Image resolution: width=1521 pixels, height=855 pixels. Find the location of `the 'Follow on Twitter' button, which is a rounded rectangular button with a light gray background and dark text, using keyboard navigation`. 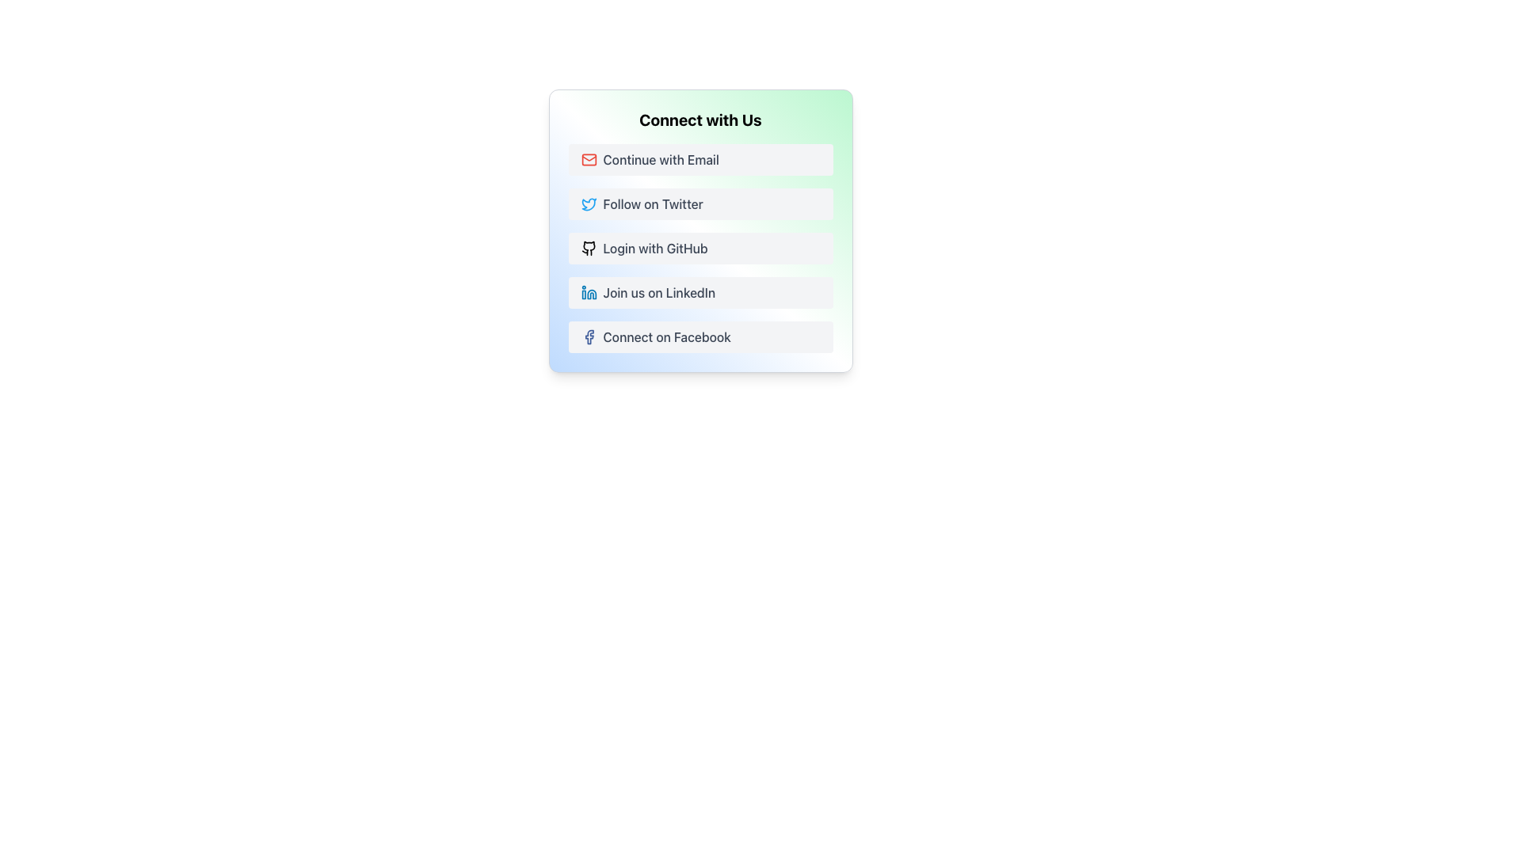

the 'Follow on Twitter' button, which is a rounded rectangular button with a light gray background and dark text, using keyboard navigation is located at coordinates (700, 203).